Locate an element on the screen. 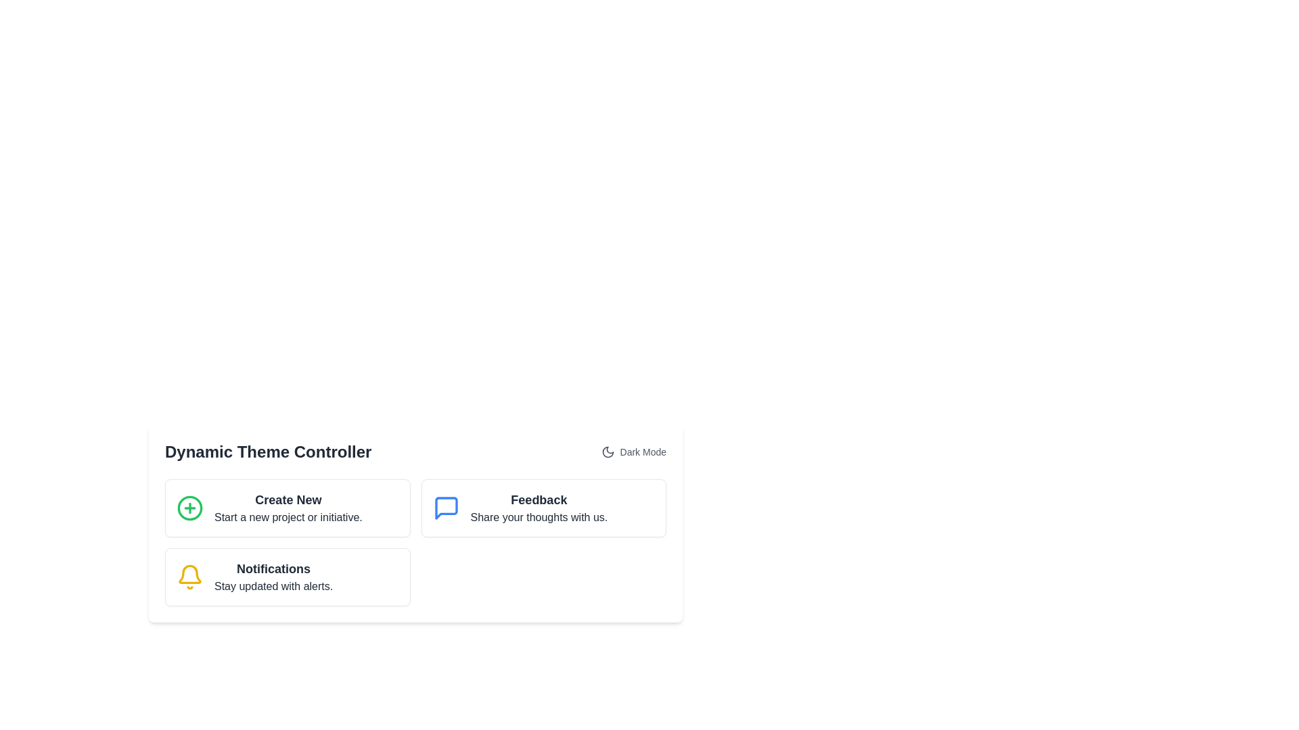  the bold blue speech bubble icon located above the text 'Feedback' is located at coordinates (446, 508).